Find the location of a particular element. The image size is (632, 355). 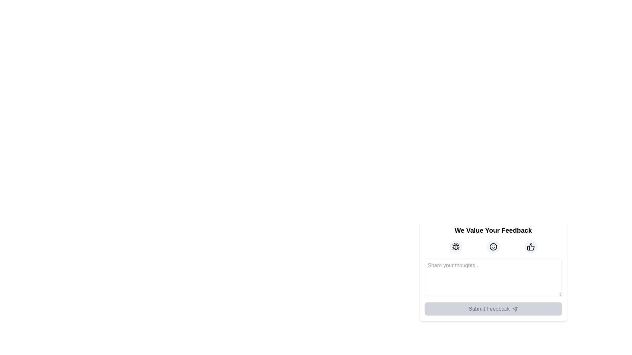

the circular button with a white background and a black 'thumbs up' icon to provide positive feedback is located at coordinates (531, 247).